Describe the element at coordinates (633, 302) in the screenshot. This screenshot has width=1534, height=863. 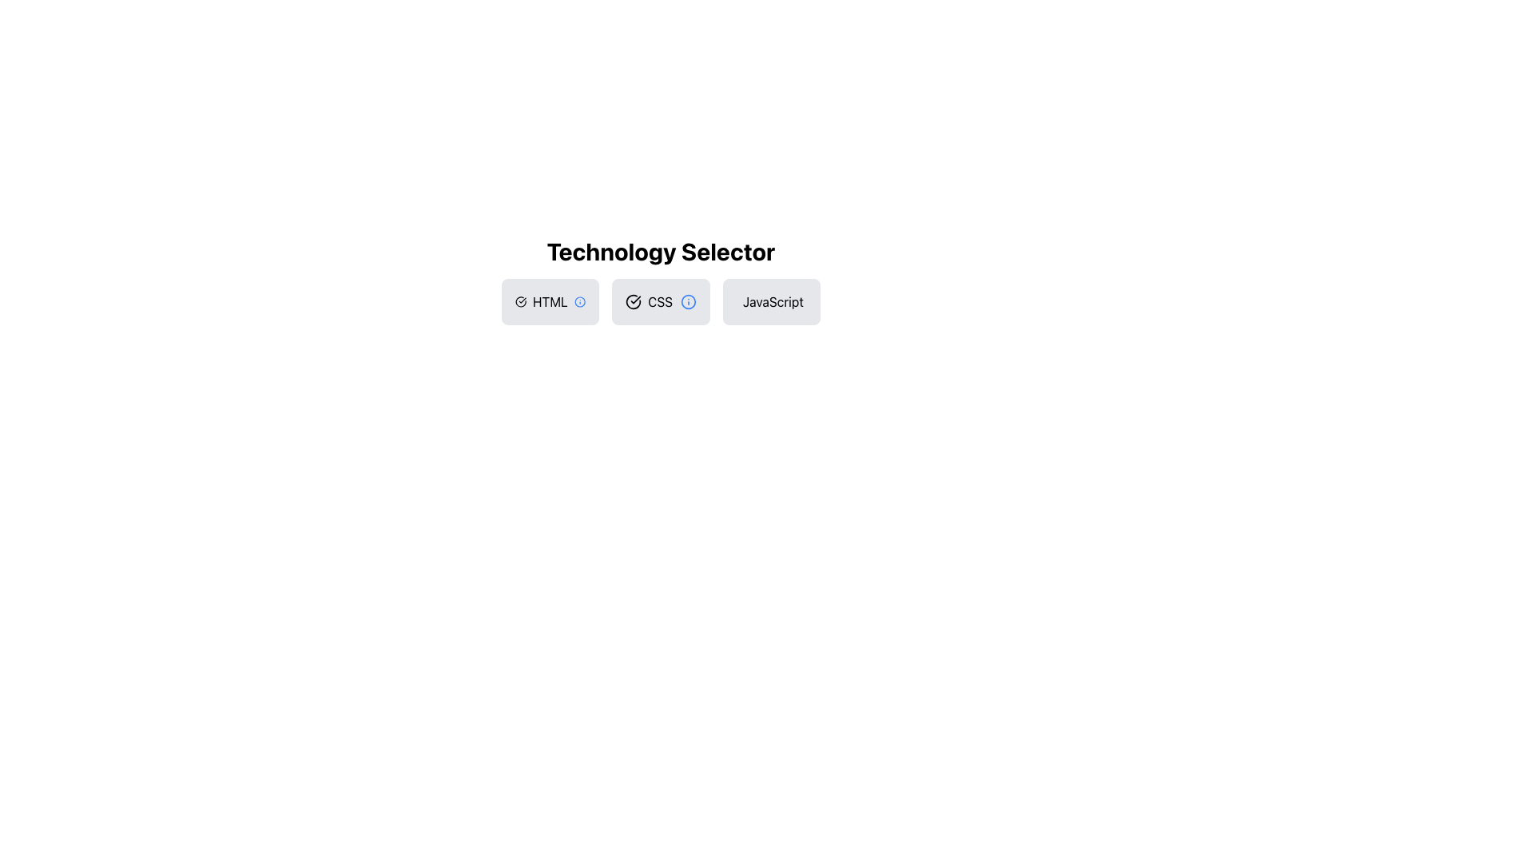
I see `the circle-check SVG icon that serves as a status indicator for the CSS option in the technology selector` at that location.